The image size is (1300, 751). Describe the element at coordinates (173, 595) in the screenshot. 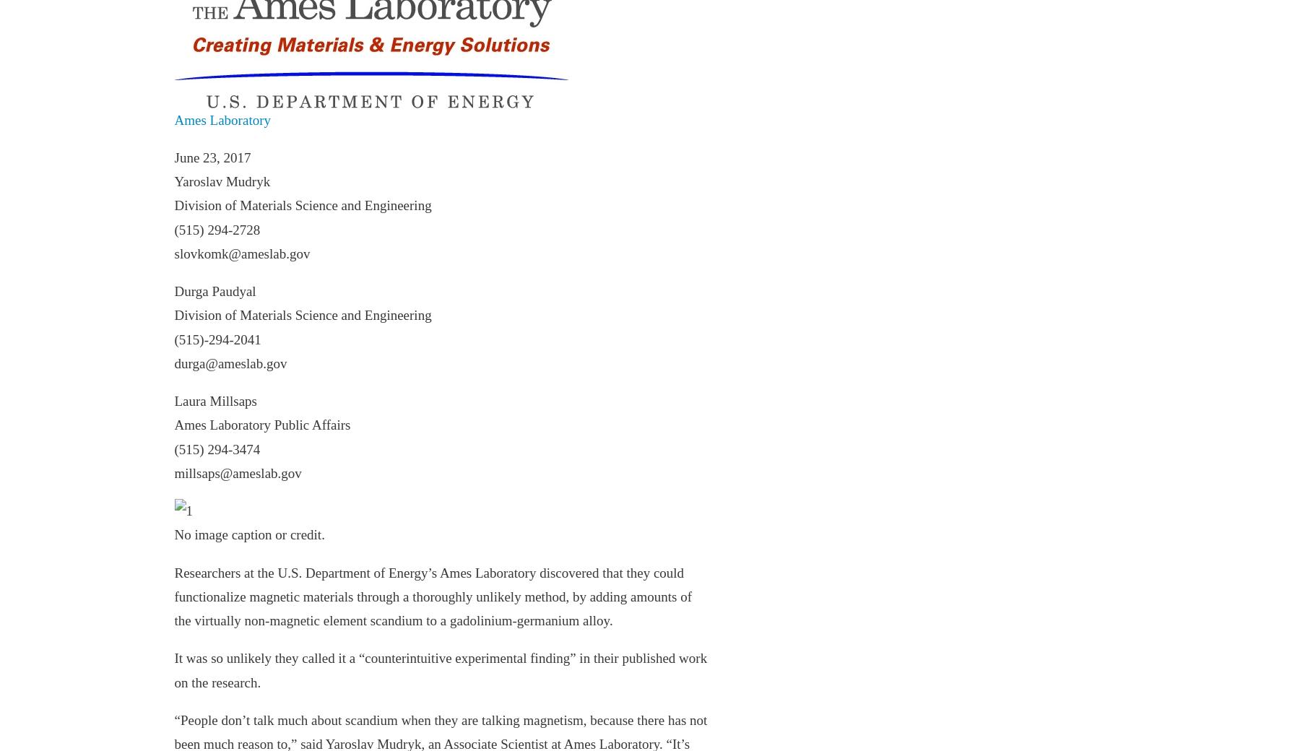

I see `'Researchers at the U.S. Department of Energy’s Ames Laboratory discovered that they could functionalize magnetic materials through a thoroughly unlikely method, by adding amounts of the virtually non-magnetic element scandium to a gadolinium-germanium alloy.'` at that location.